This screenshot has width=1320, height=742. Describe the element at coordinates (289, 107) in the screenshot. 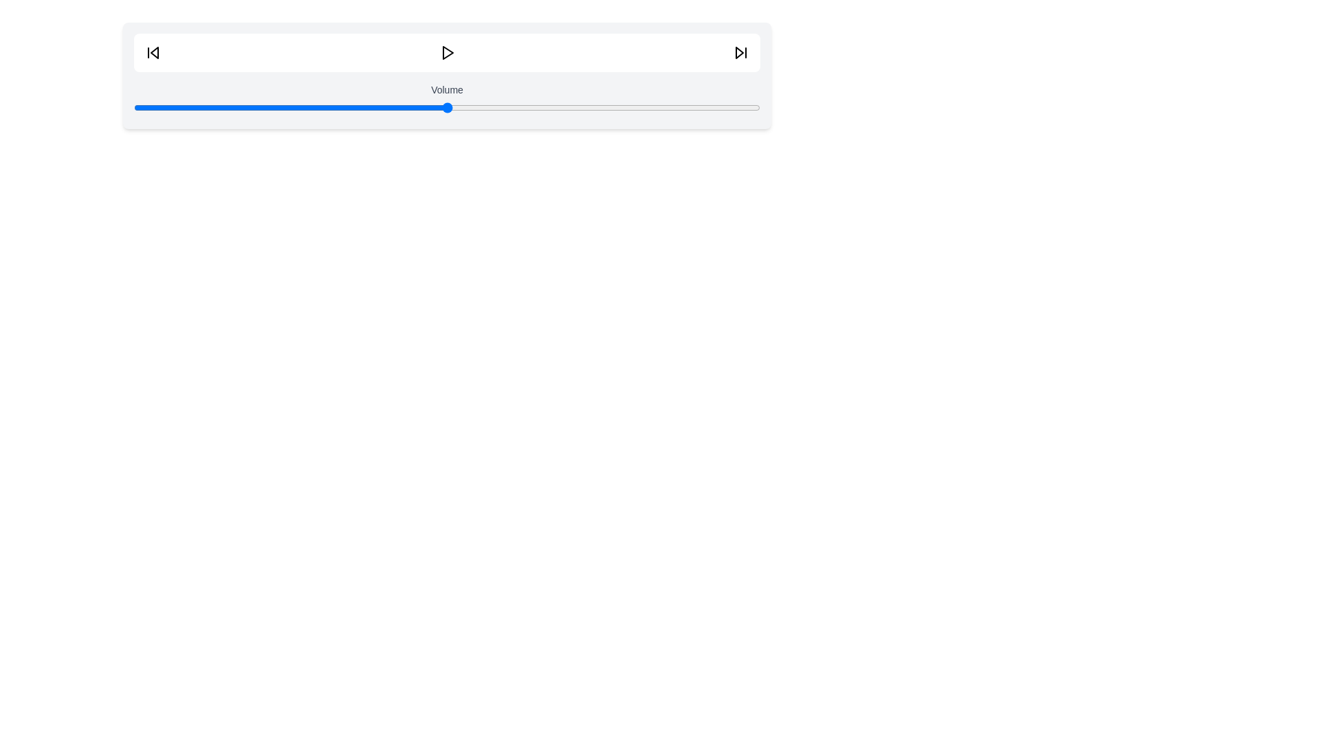

I see `the volume level` at that location.